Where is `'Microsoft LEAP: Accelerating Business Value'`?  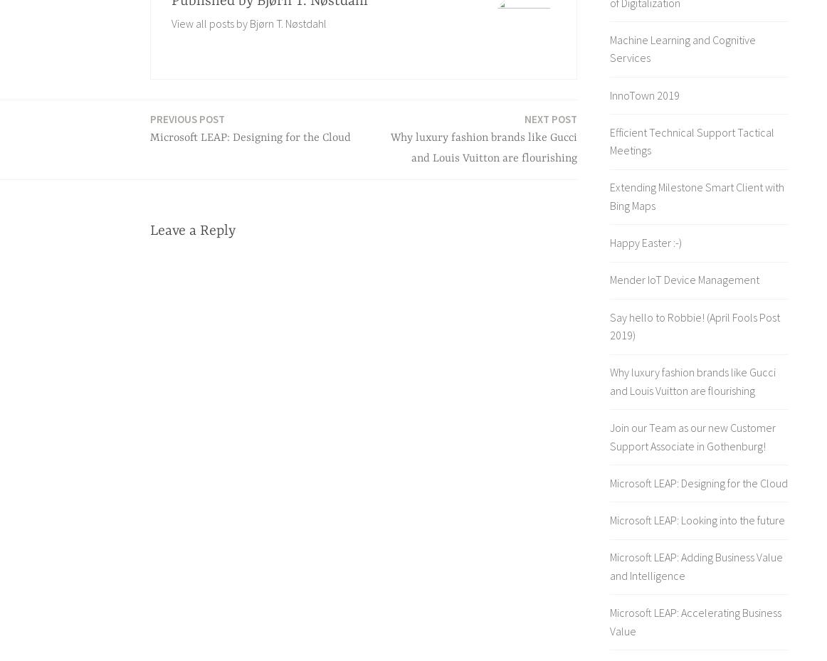 'Microsoft LEAP: Accelerating Business Value' is located at coordinates (695, 621).